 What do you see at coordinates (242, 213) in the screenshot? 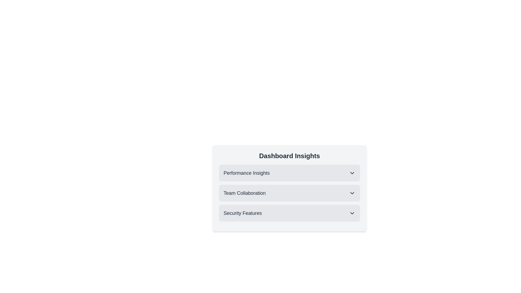
I see `the 'Security Features' text label, which is styled in a larger, bold font and is located under the 'Team Collaboration' section within the 'Dashboard Insights' expandable list` at bounding box center [242, 213].